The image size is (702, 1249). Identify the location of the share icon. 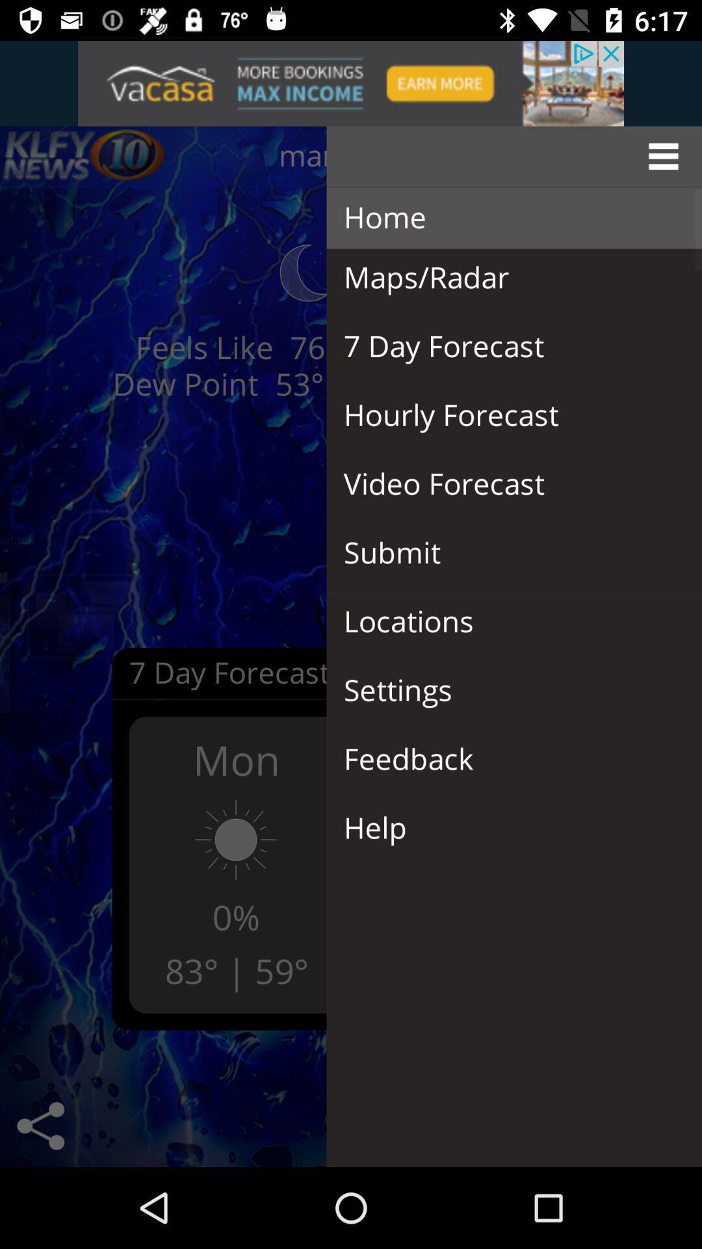
(40, 1125).